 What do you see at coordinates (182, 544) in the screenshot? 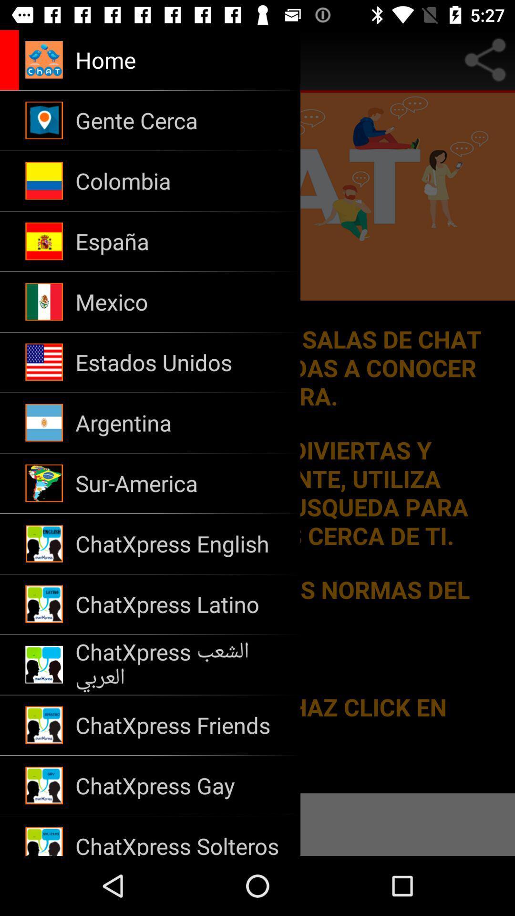
I see `icon below the sur-america app` at bounding box center [182, 544].